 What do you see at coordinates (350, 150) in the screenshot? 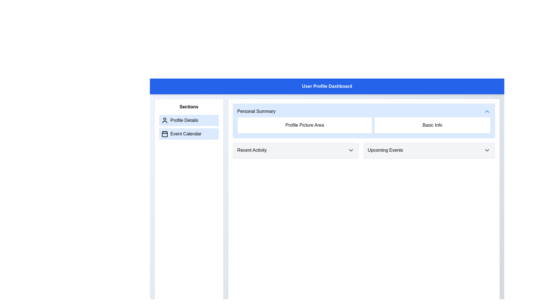
I see `the small downward-facing gray chevron icon located to the far right of the 'Recent Activity' section` at bounding box center [350, 150].